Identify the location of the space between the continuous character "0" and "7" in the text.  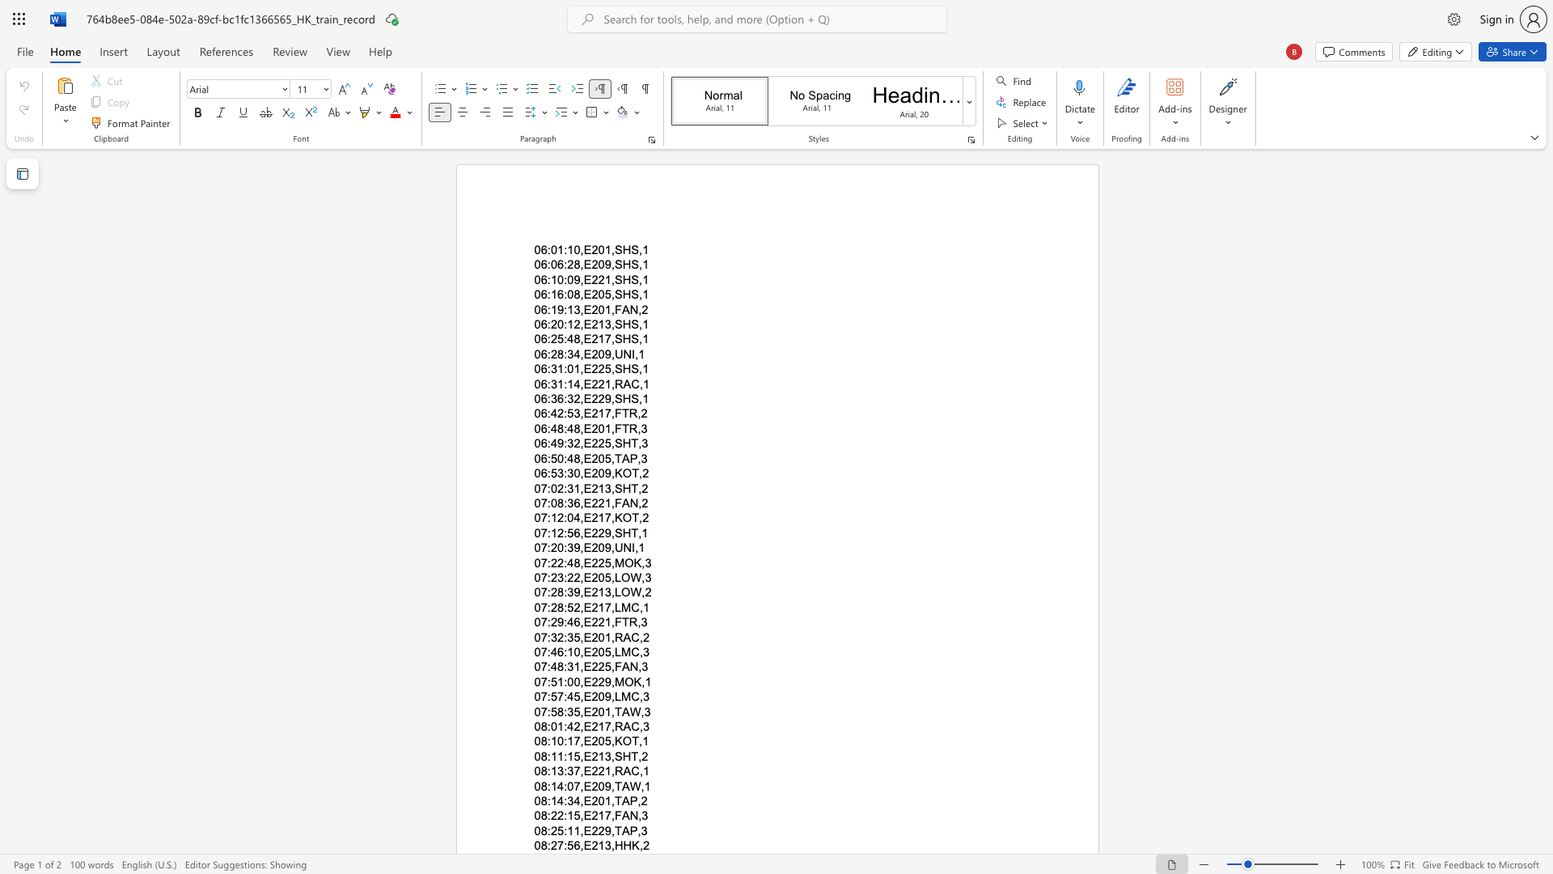
(540, 696).